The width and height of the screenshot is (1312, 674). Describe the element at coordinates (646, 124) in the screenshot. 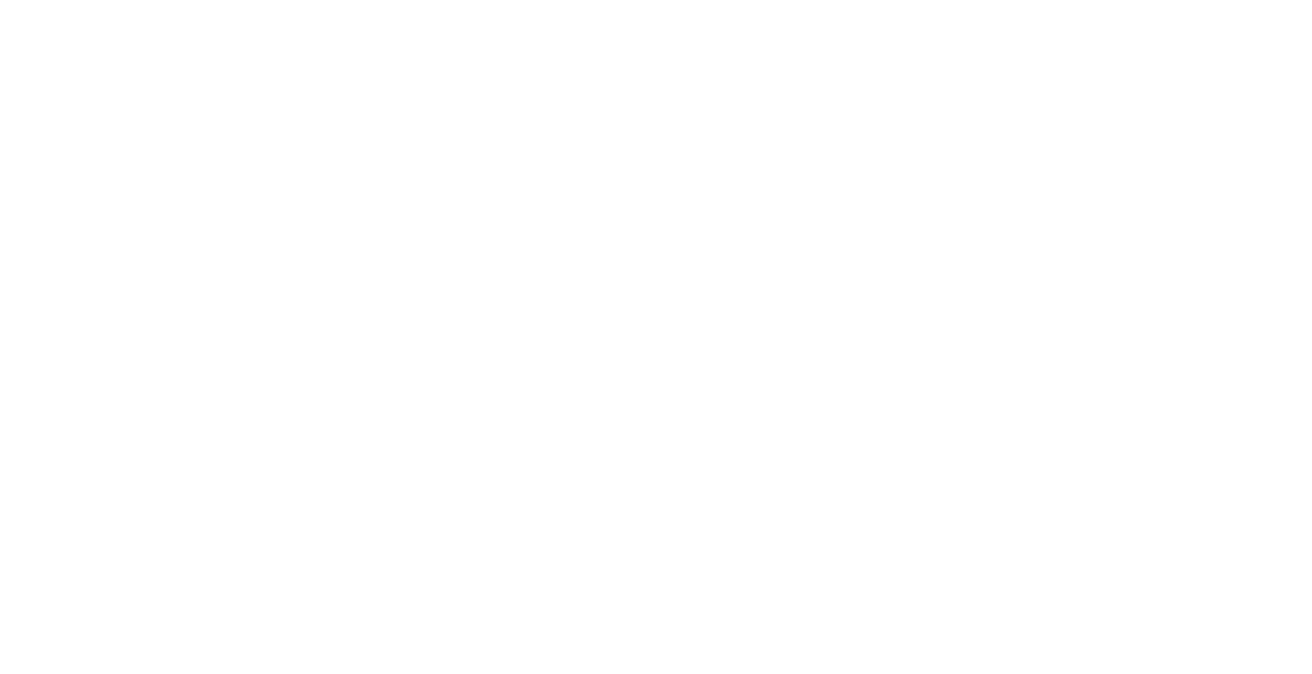

I see `'Eat & Drink'` at that location.